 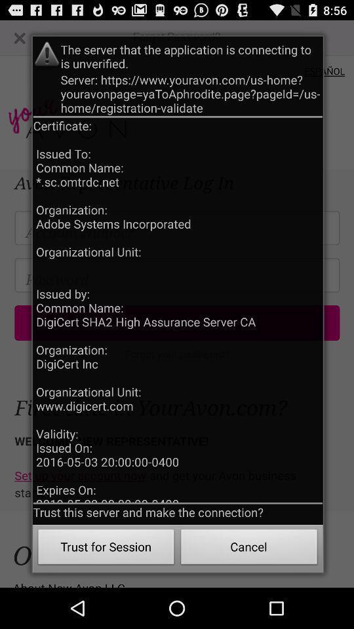 What do you see at coordinates (106, 548) in the screenshot?
I see `the icon below the trust this server icon` at bounding box center [106, 548].